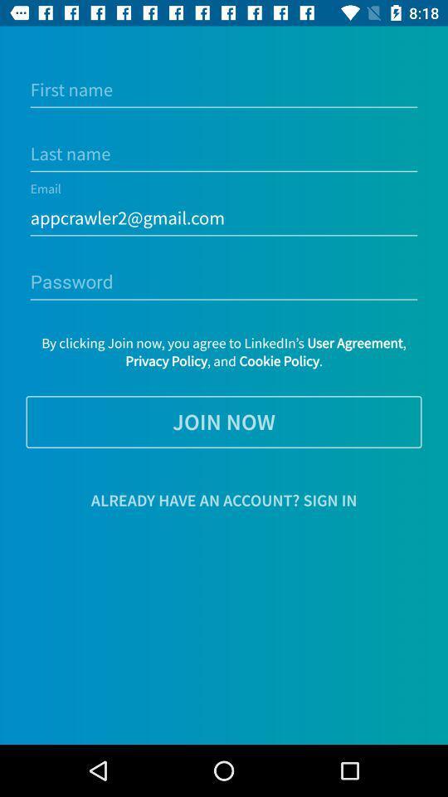 Image resolution: width=448 pixels, height=797 pixels. I want to click on already have an item, so click(224, 499).